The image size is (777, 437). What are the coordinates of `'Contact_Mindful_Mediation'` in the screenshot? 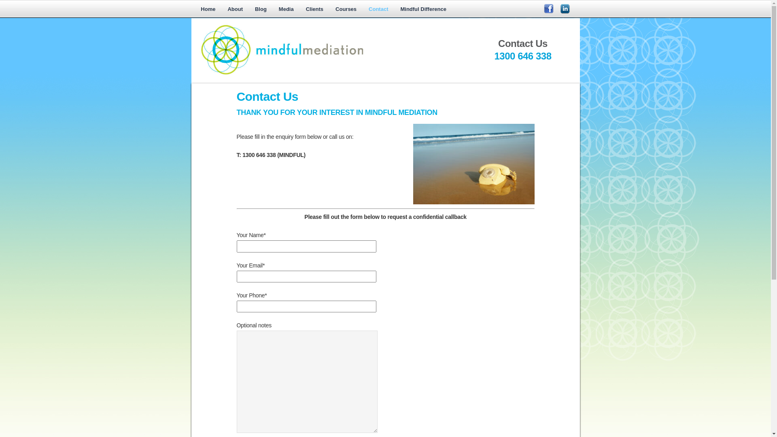 It's located at (473, 164).